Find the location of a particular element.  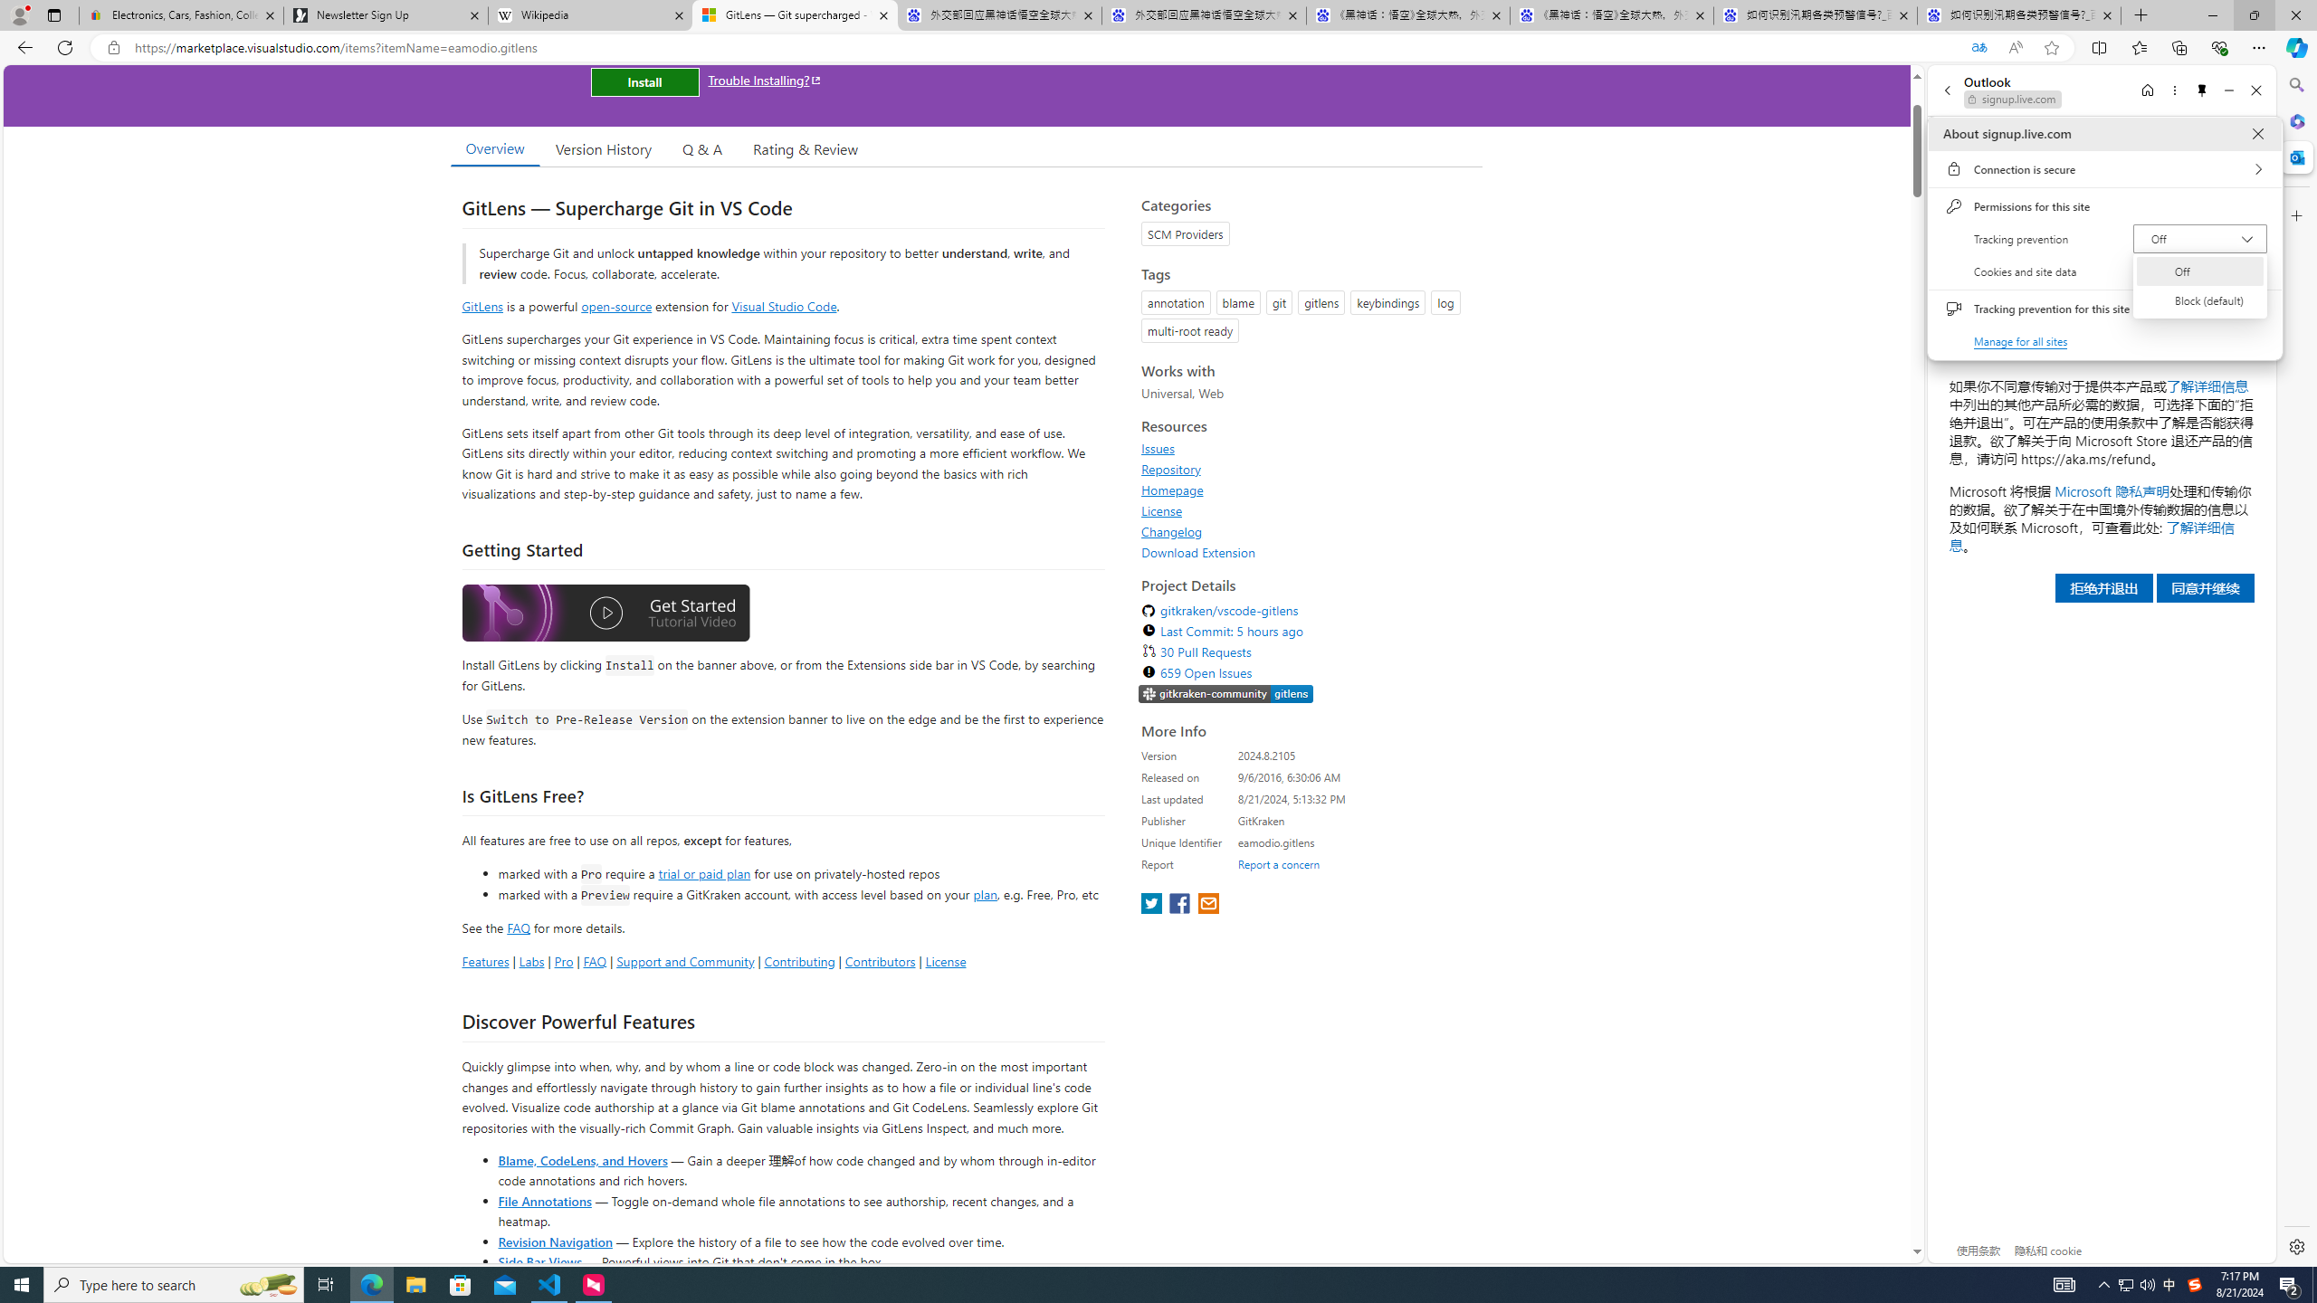

'Connection is secure' is located at coordinates (2103, 167).